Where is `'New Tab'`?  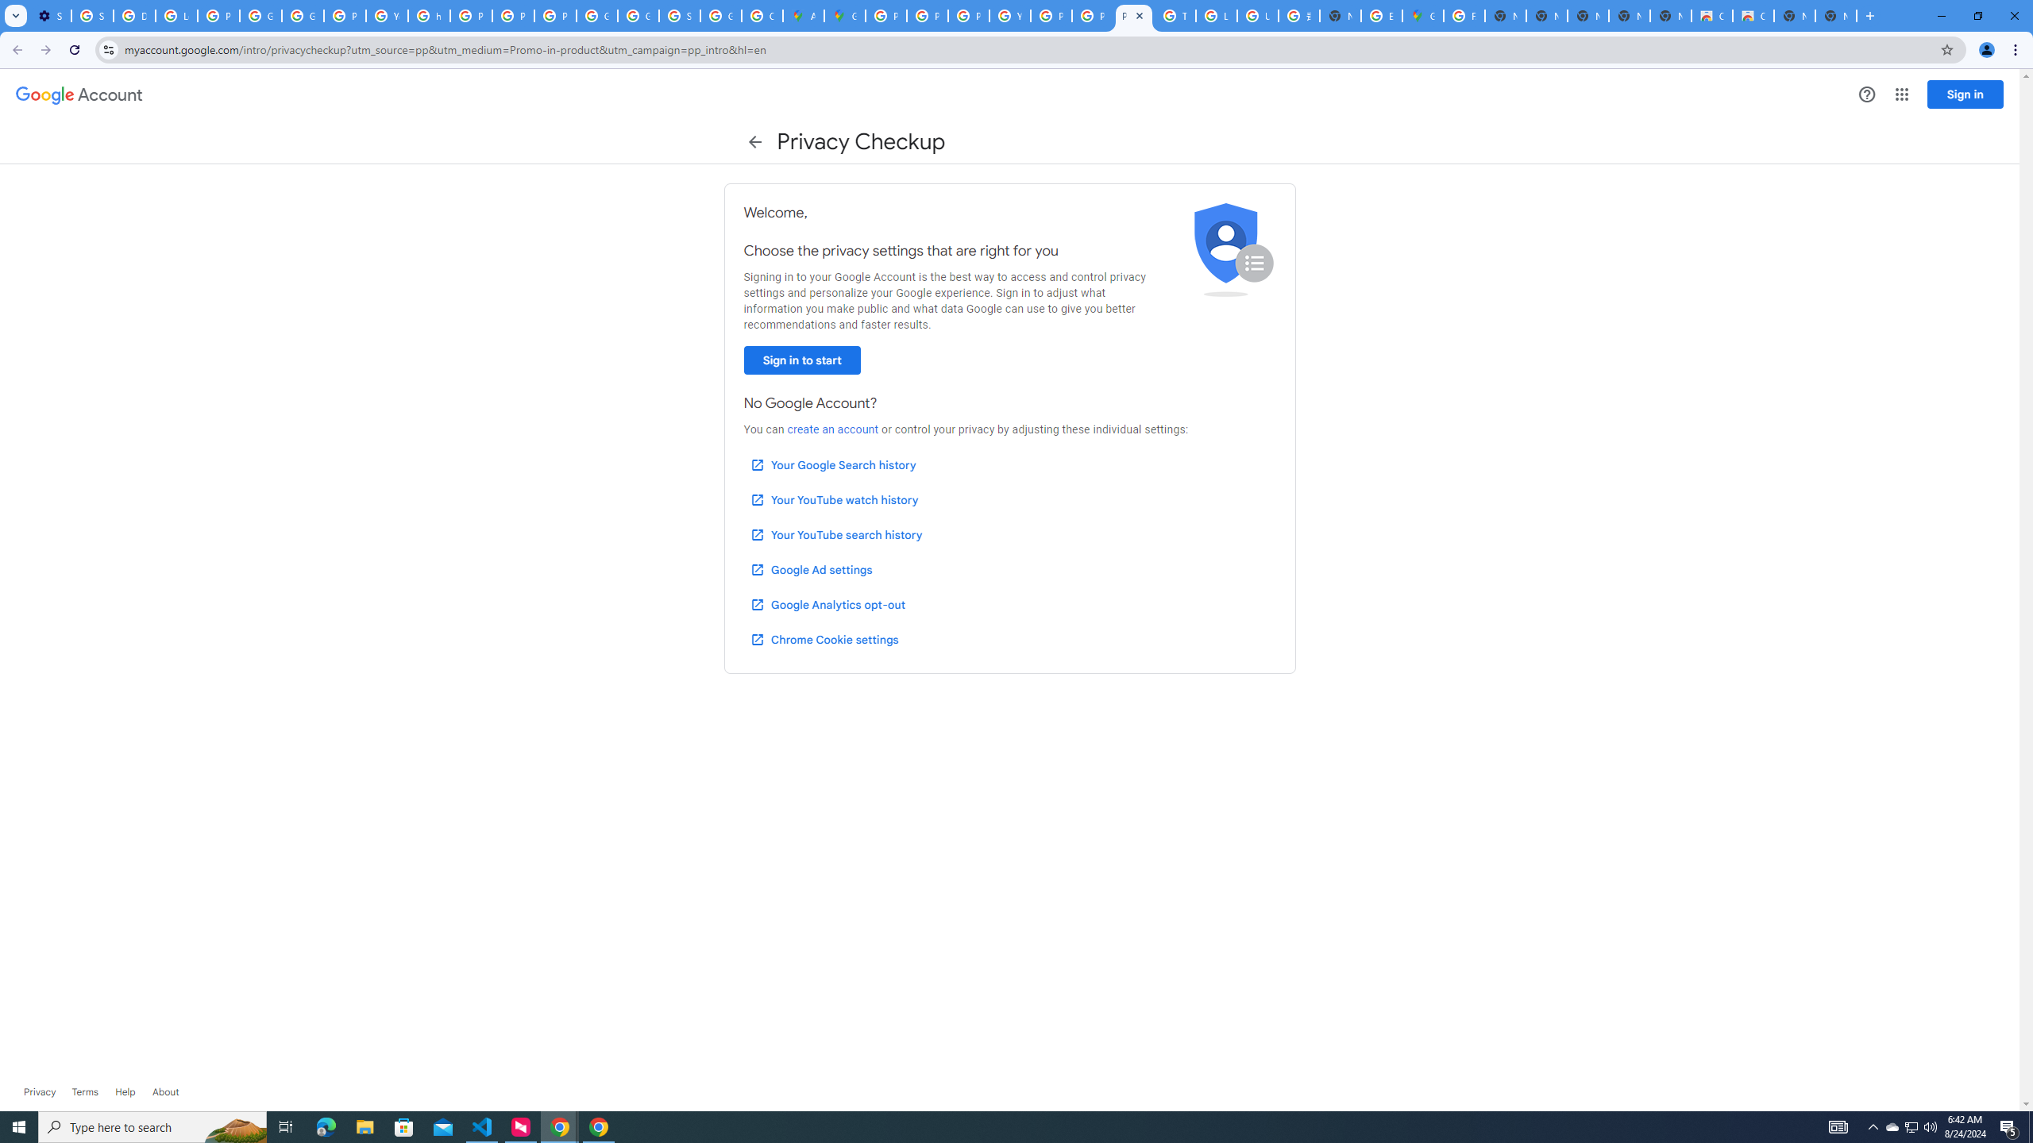
'New Tab' is located at coordinates (1835, 15).